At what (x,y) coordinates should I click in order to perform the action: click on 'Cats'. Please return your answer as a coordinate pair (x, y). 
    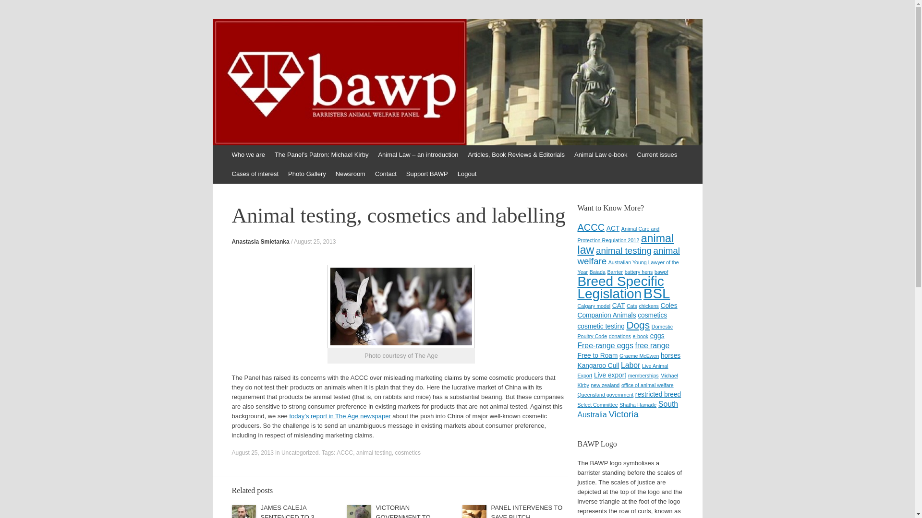
    Looking at the image, I should click on (631, 306).